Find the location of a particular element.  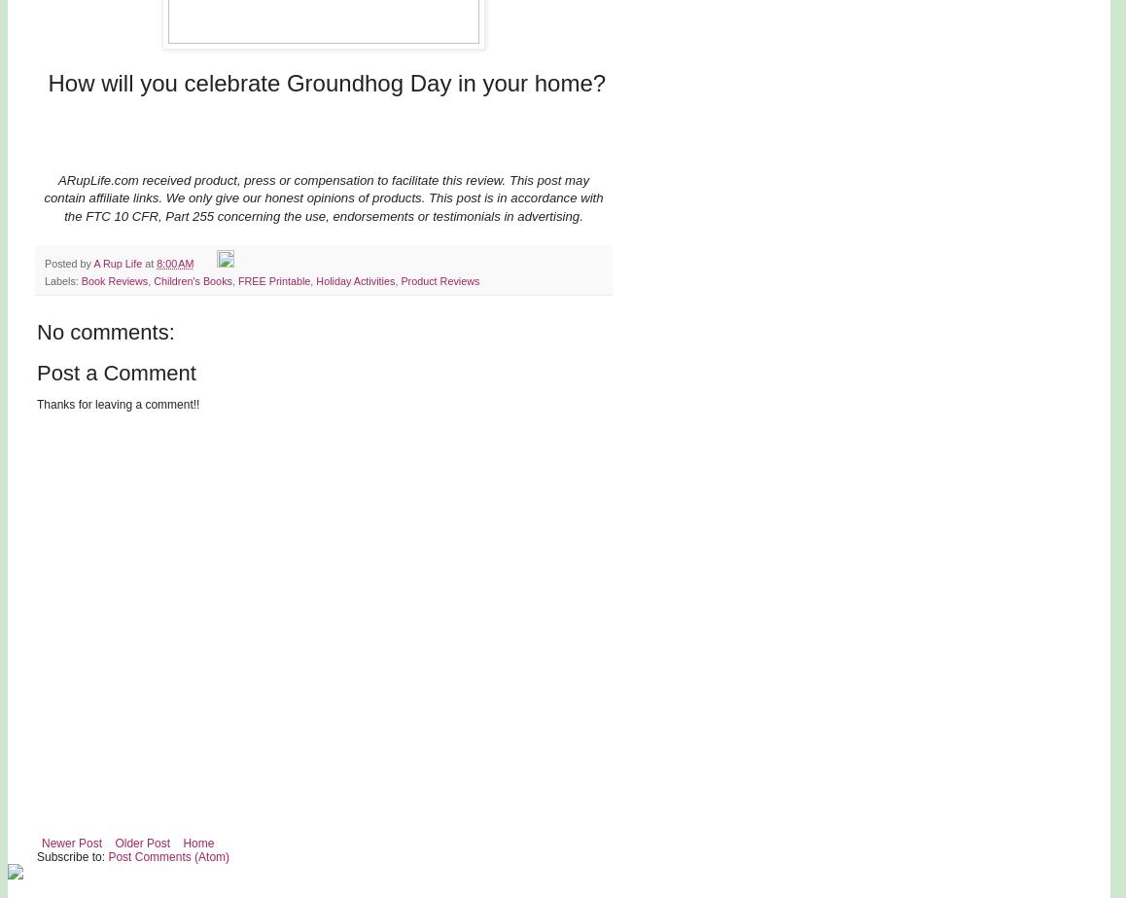

'Holiday Activities' is located at coordinates (354, 279).